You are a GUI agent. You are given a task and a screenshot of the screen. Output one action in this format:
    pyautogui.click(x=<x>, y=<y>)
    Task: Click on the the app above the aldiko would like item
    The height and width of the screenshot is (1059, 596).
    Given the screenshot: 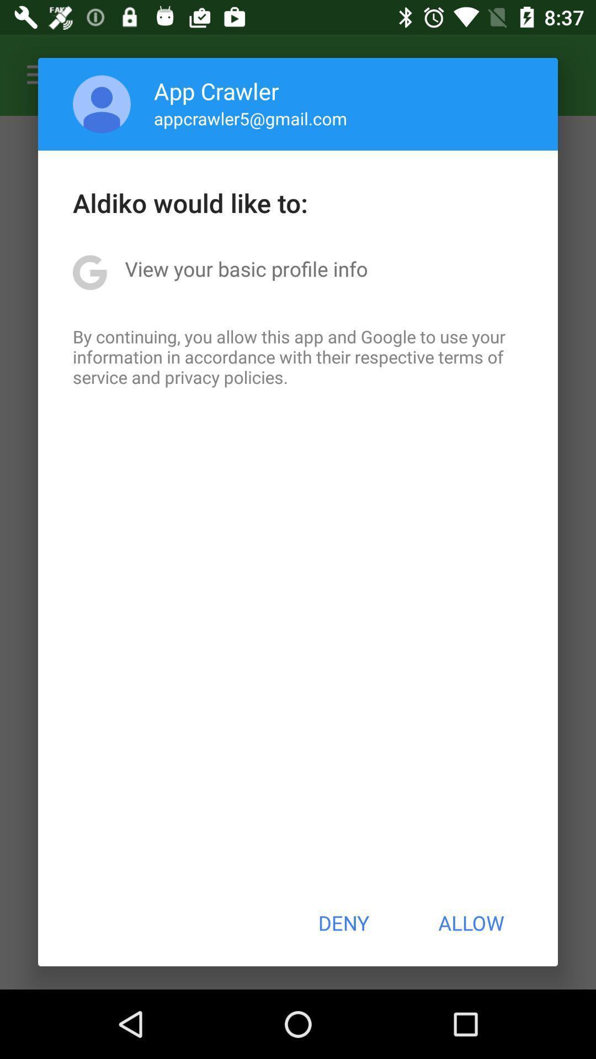 What is the action you would take?
    pyautogui.click(x=251, y=118)
    